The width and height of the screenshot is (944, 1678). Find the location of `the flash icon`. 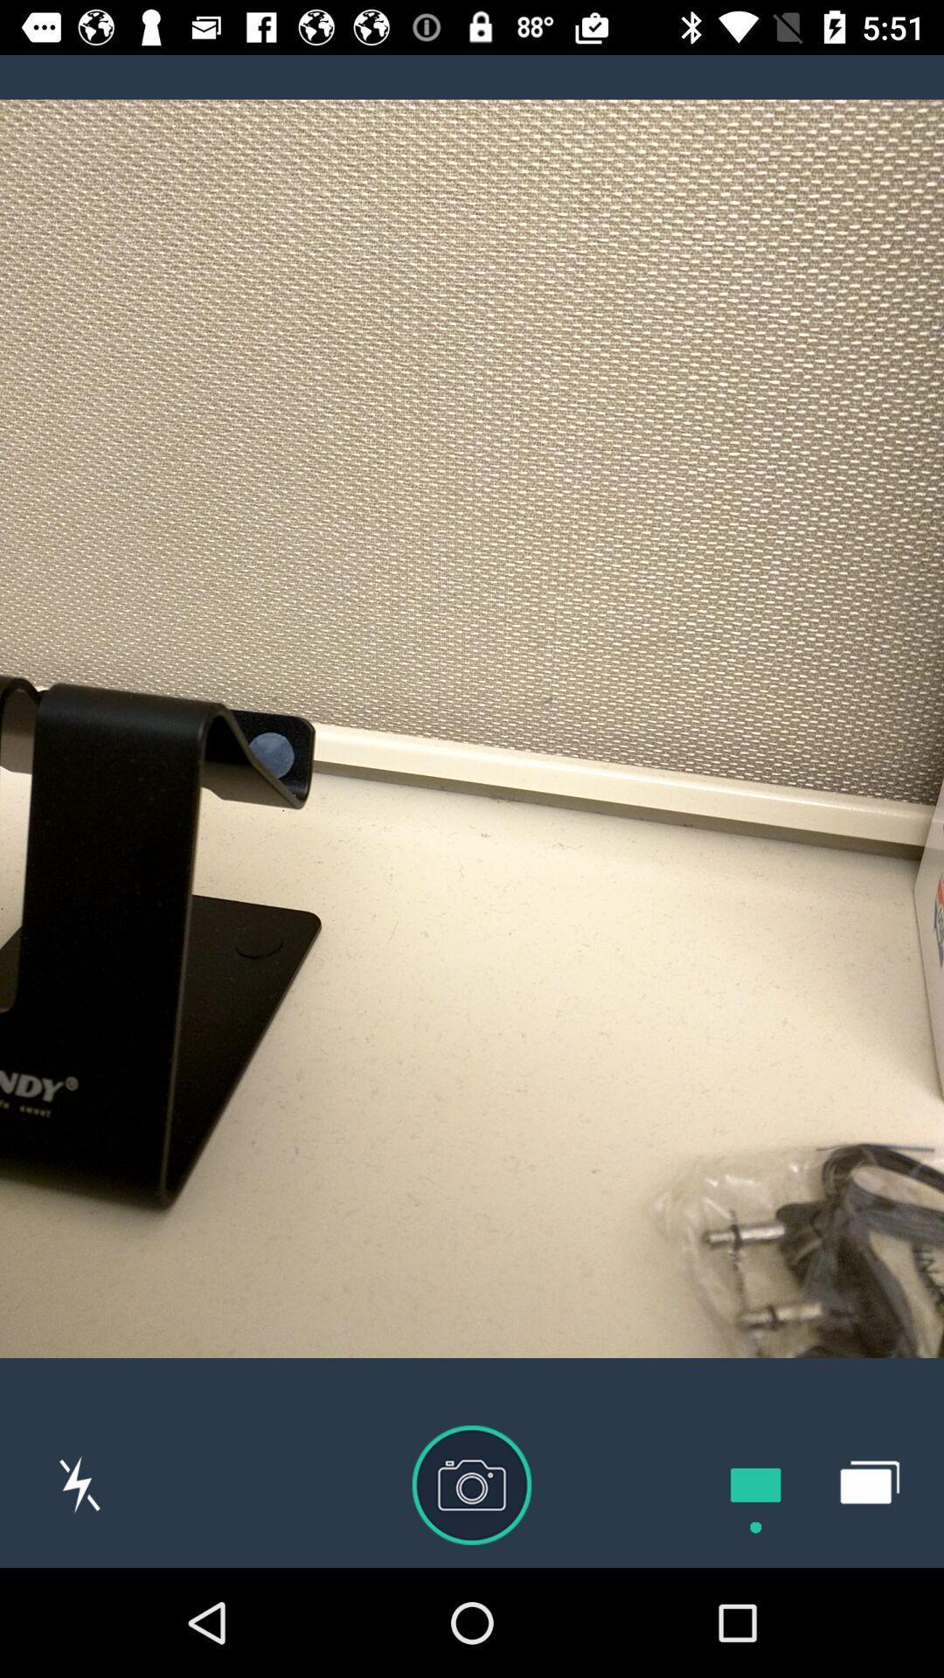

the flash icon is located at coordinates (80, 1484).